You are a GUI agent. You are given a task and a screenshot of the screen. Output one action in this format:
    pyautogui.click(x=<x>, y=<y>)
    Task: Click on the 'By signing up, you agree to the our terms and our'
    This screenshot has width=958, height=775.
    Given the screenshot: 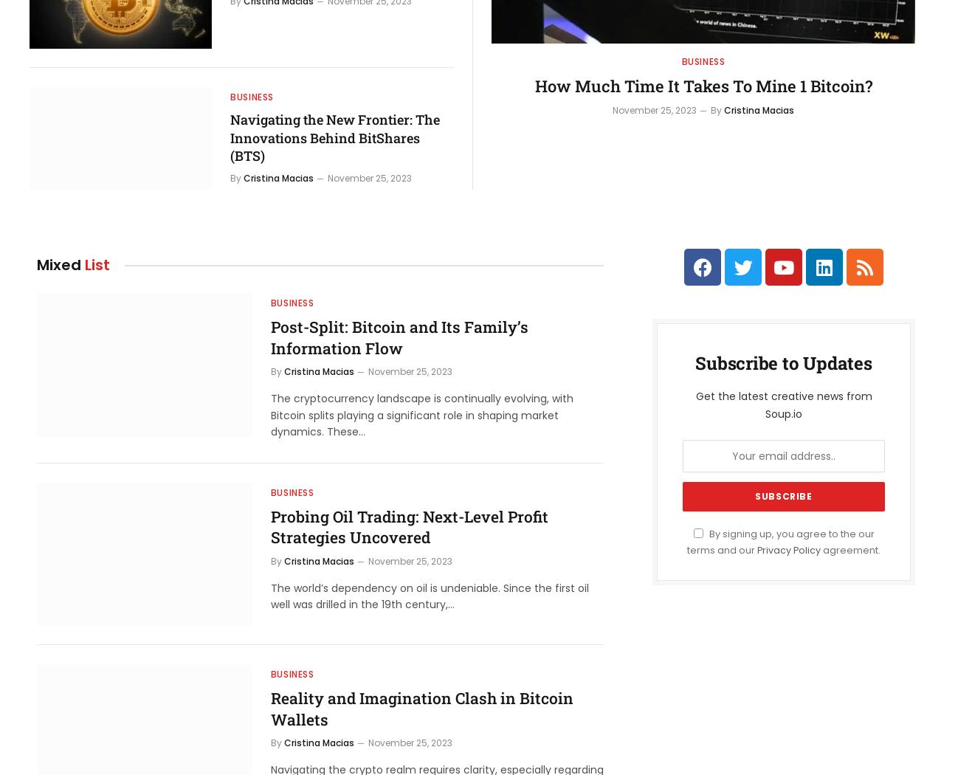 What is the action you would take?
    pyautogui.click(x=779, y=540)
    